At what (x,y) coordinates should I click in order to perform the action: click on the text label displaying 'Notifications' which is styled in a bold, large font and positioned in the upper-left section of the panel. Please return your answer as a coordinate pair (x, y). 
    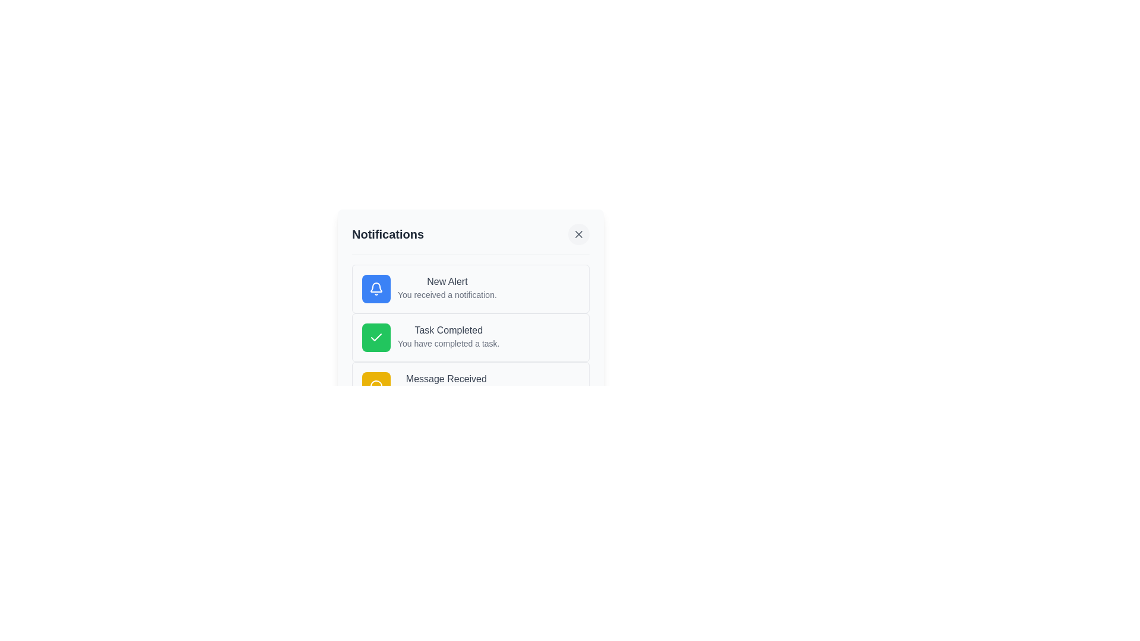
    Looking at the image, I should click on (388, 234).